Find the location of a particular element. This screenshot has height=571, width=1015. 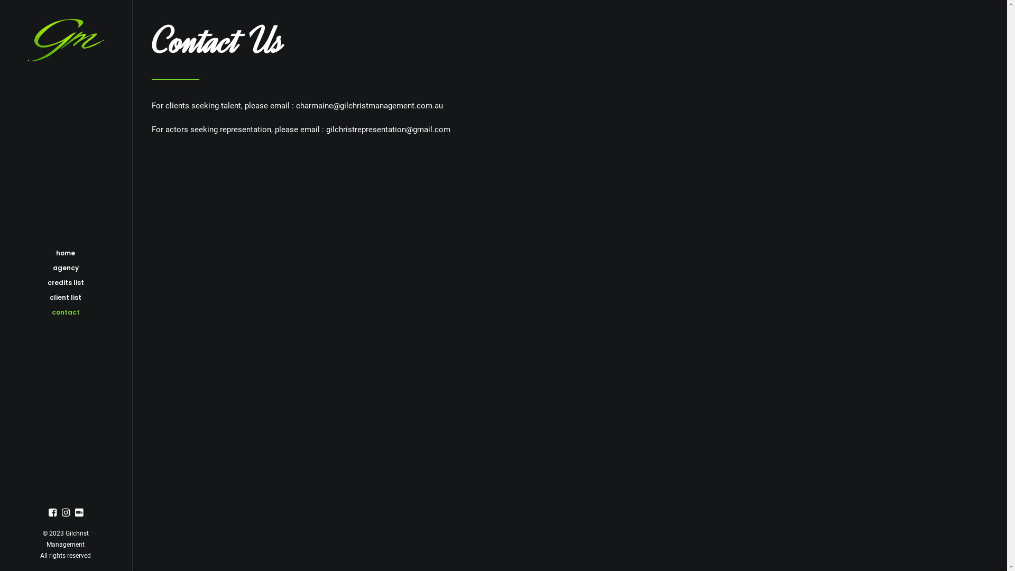

'charmaine@gilchristmanagement.com.au' is located at coordinates (370, 106).